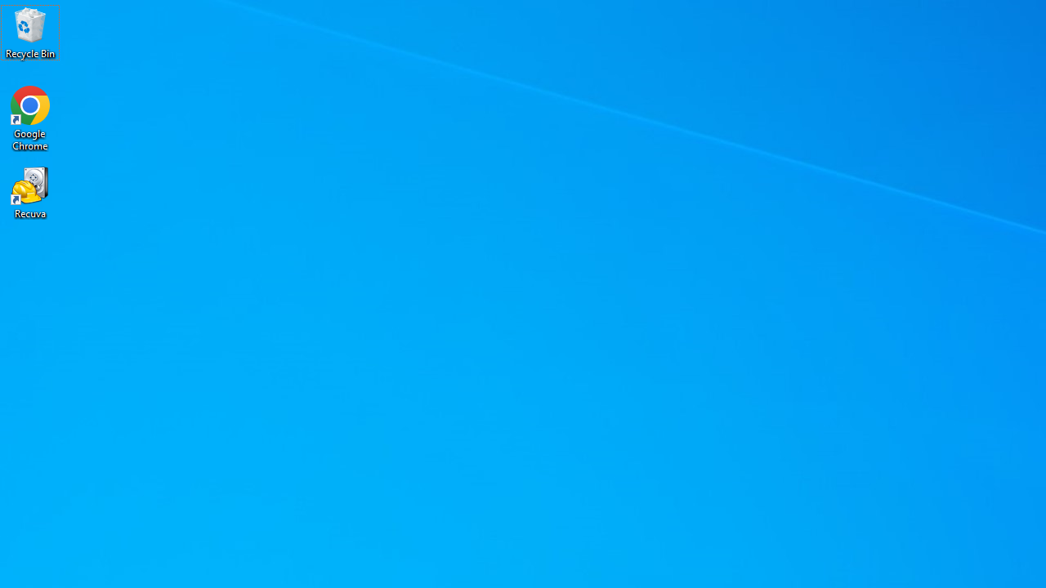 The image size is (1046, 588). What do you see at coordinates (30, 118) in the screenshot?
I see `'Google Chrome'` at bounding box center [30, 118].